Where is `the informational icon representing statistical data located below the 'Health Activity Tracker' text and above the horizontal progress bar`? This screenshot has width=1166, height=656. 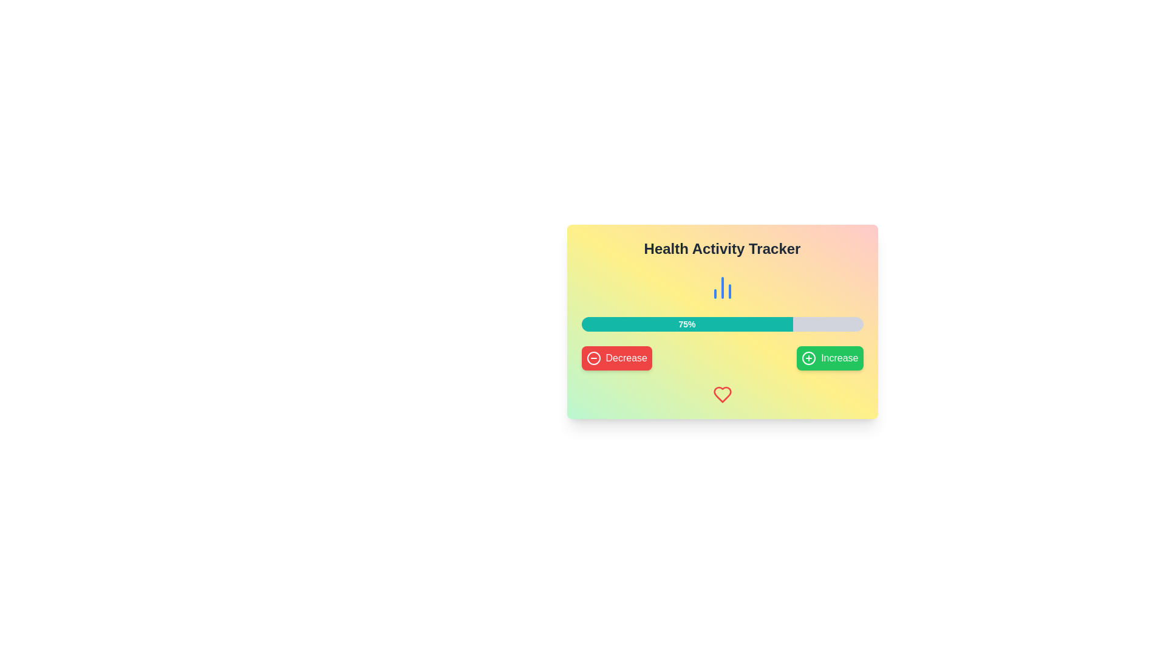
the informational icon representing statistical data located below the 'Health Activity Tracker' text and above the horizontal progress bar is located at coordinates (722, 288).